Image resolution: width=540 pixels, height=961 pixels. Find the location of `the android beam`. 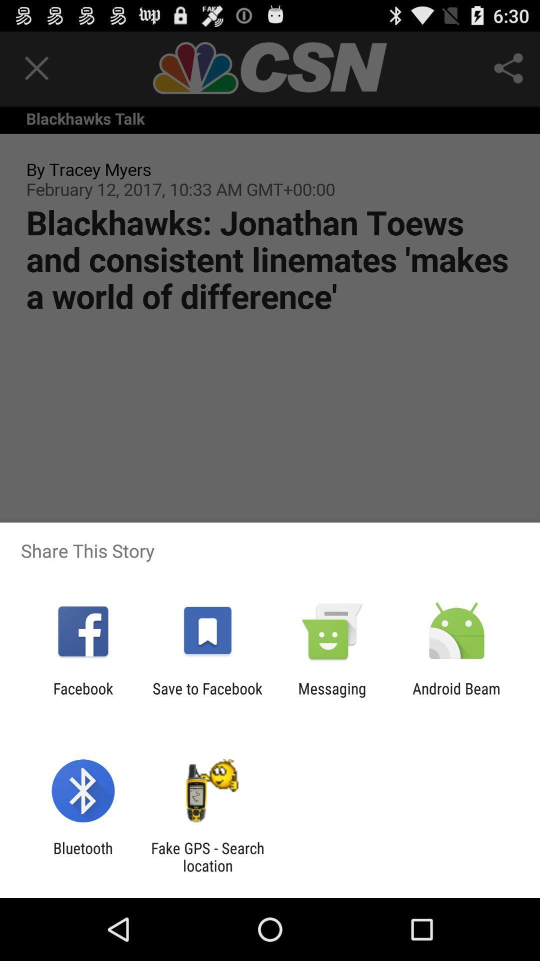

the android beam is located at coordinates (456, 697).